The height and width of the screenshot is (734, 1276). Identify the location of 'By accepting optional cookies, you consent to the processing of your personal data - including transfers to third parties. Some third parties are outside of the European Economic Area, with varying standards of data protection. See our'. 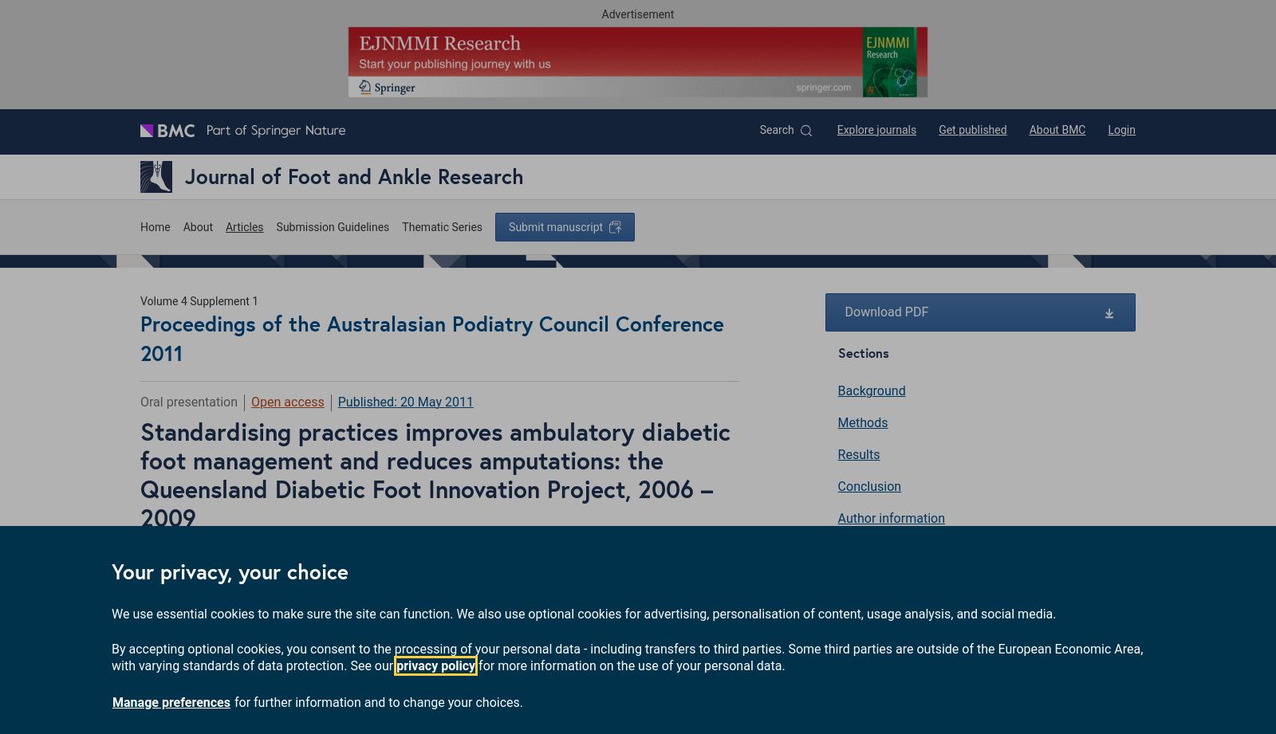
(627, 657).